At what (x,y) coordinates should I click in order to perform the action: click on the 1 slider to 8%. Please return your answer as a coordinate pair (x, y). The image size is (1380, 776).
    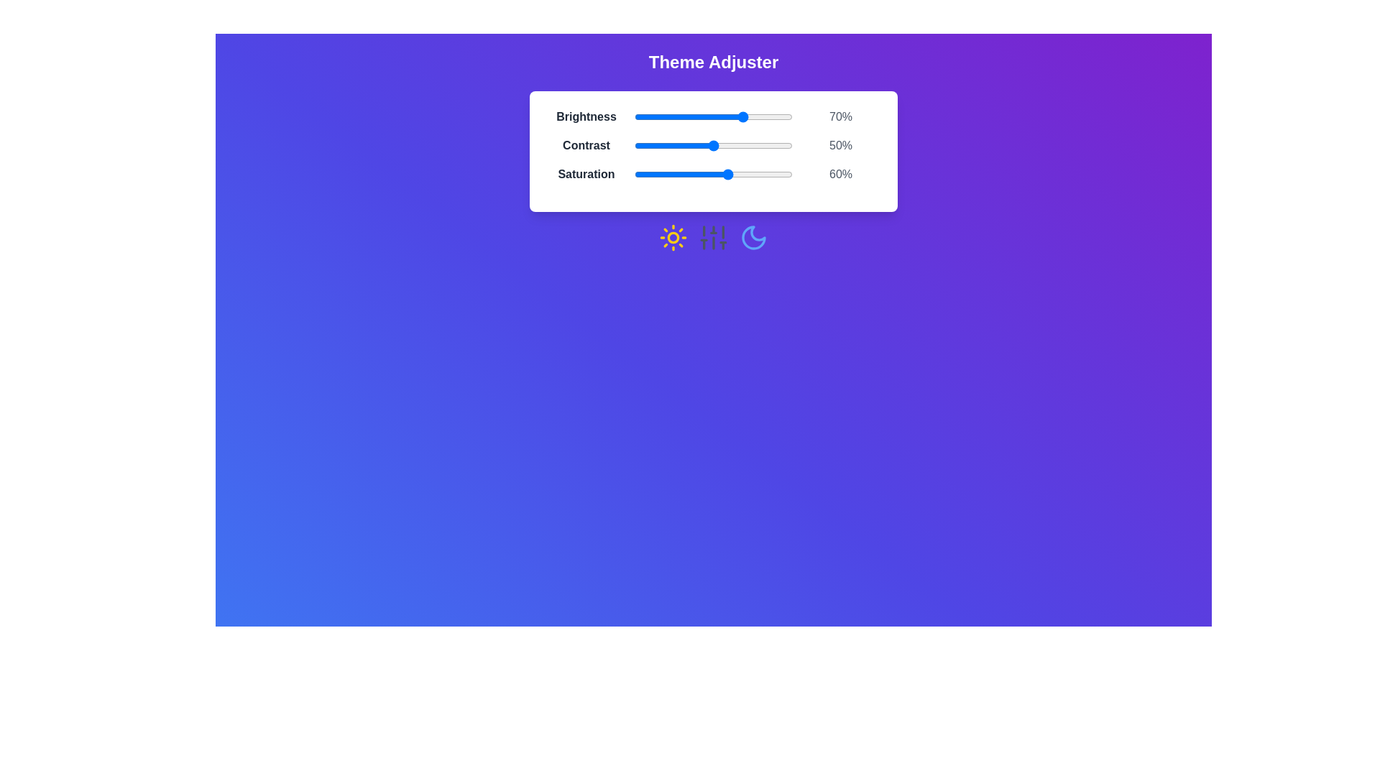
    Looking at the image, I should click on (646, 146).